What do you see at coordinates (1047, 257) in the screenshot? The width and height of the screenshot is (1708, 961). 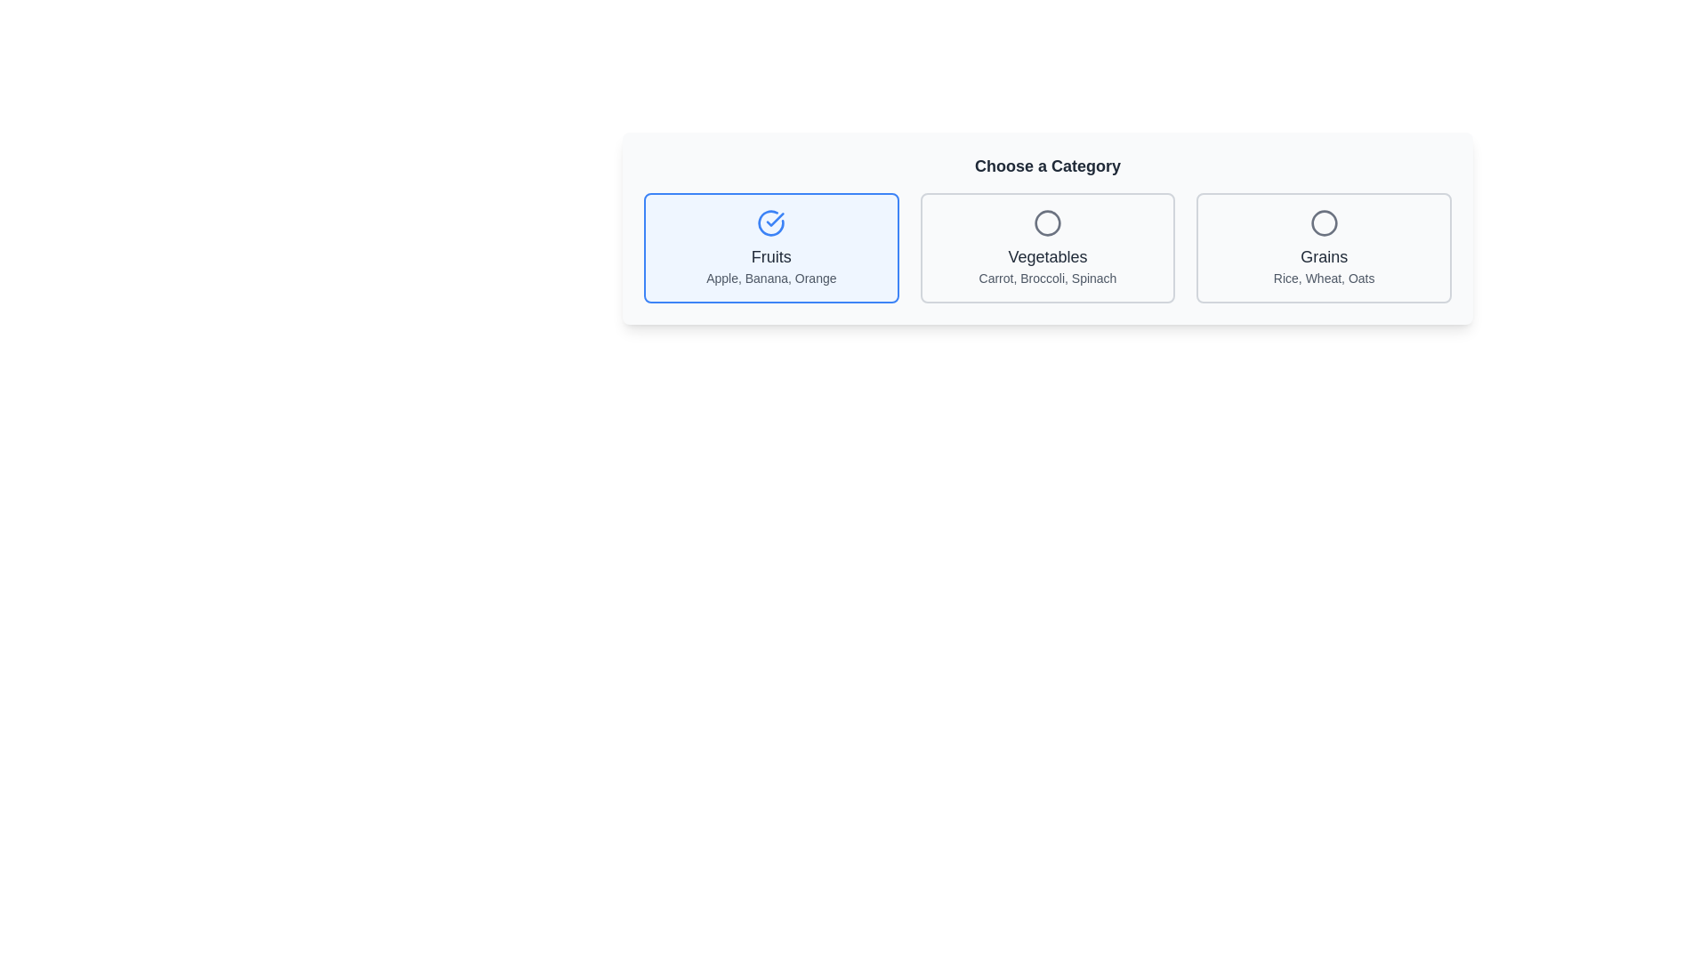 I see `the category label located in the second card of the category selection, which is centrally positioned above a descriptive text line and below an icon` at bounding box center [1047, 257].